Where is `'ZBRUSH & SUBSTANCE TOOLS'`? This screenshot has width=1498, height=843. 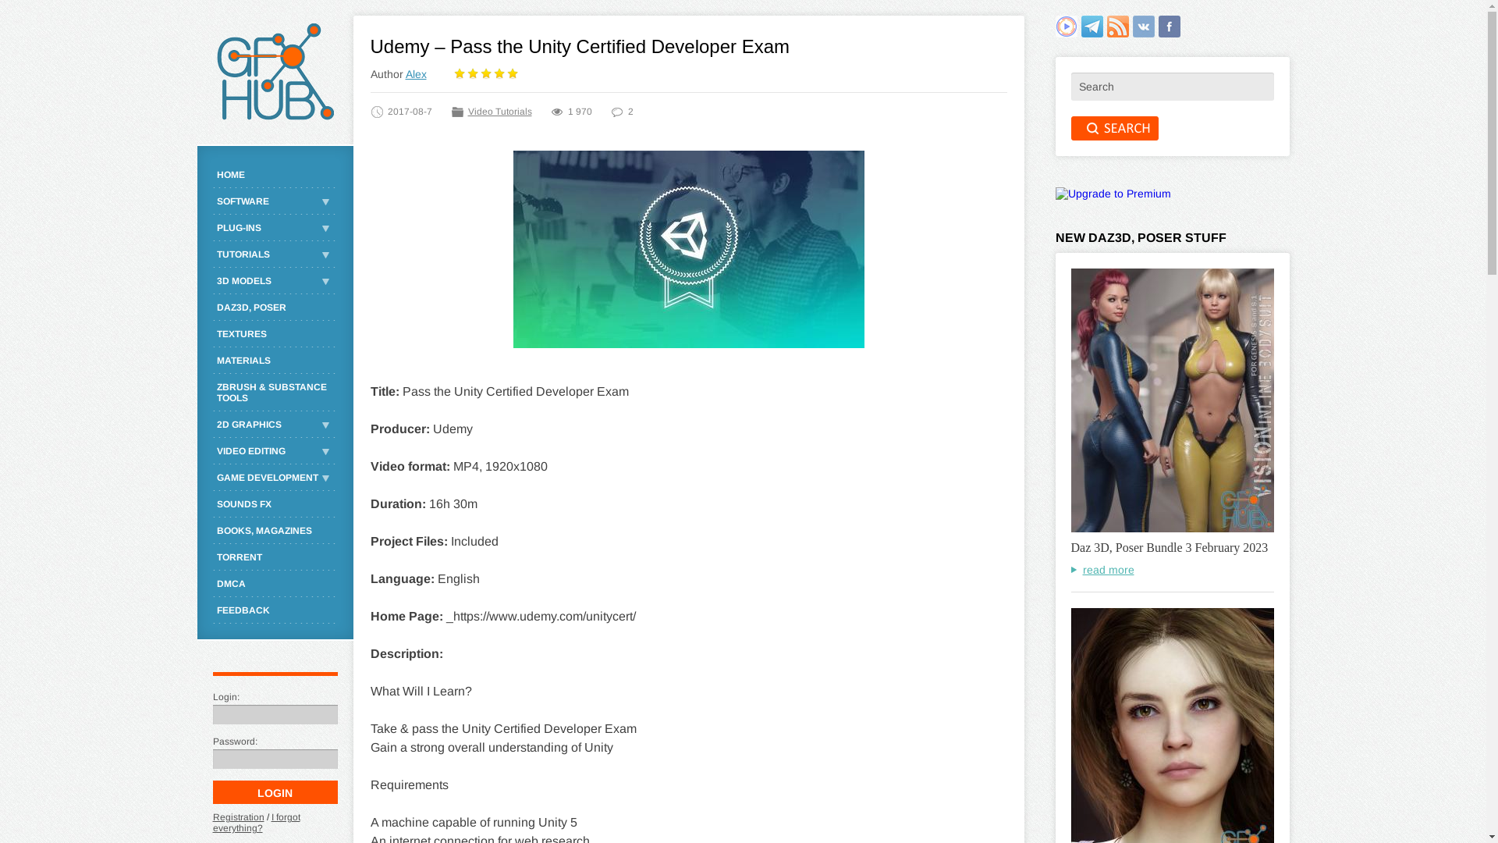 'ZBRUSH & SUBSTANCE TOOLS' is located at coordinates (274, 391).